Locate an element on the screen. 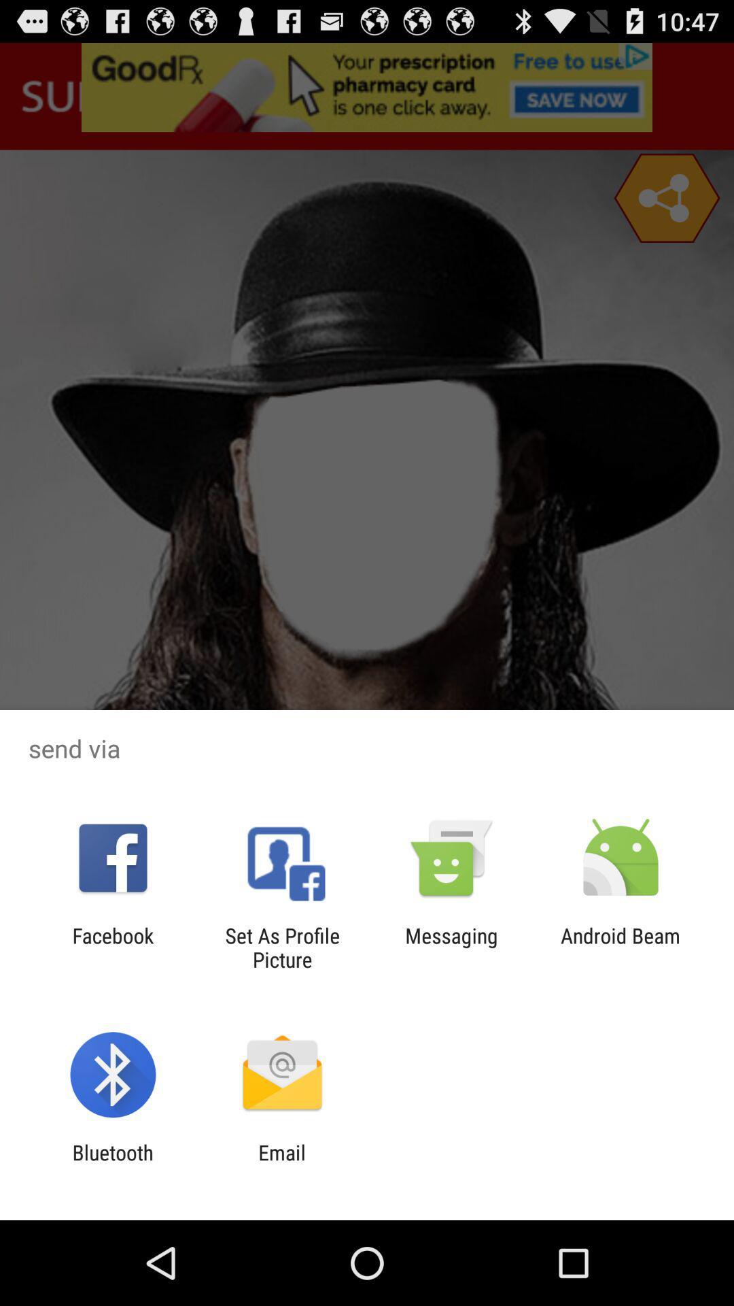 This screenshot has width=734, height=1306. facebook icon is located at coordinates (112, 947).